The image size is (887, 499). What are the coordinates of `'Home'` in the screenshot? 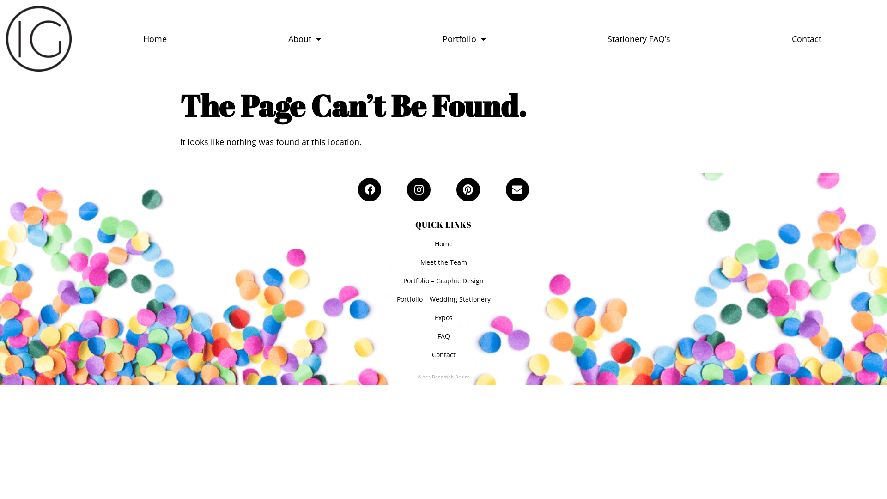 It's located at (82, 38).